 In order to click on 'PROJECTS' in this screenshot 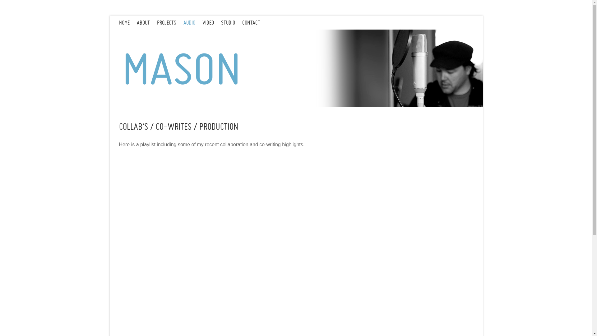, I will do `click(170, 22)`.